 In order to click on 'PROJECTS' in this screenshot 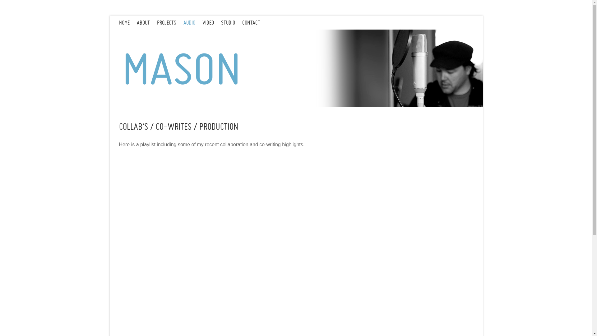, I will do `click(170, 22)`.